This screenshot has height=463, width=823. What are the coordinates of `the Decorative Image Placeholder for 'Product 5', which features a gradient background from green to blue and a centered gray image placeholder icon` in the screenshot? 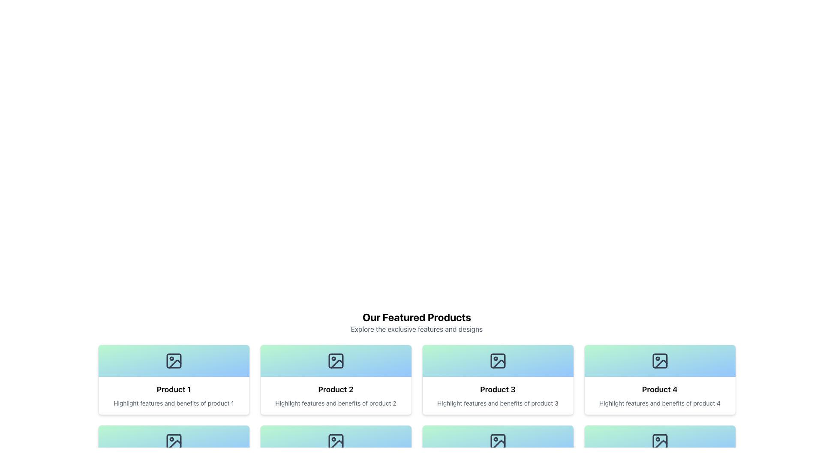 It's located at (173, 441).